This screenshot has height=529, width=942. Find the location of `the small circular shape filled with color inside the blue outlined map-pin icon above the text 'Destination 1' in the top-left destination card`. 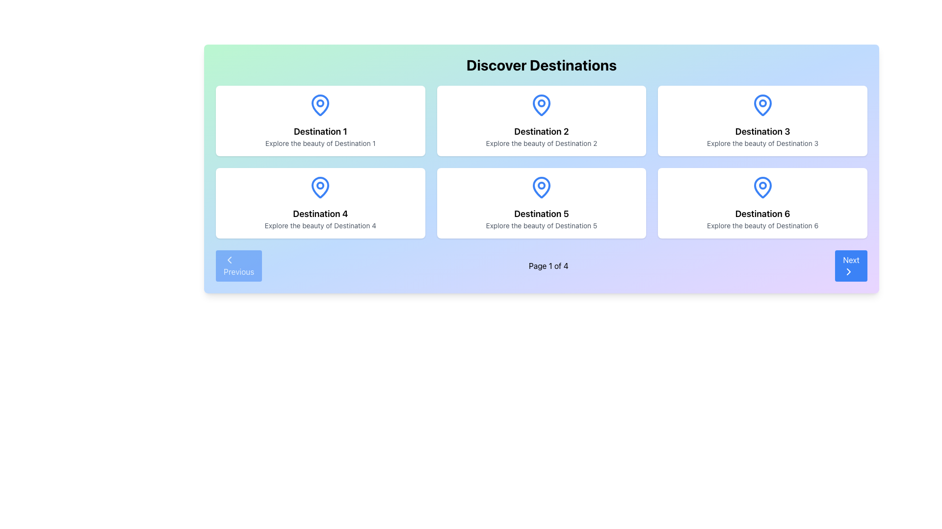

the small circular shape filled with color inside the blue outlined map-pin icon above the text 'Destination 1' in the top-left destination card is located at coordinates (320, 103).